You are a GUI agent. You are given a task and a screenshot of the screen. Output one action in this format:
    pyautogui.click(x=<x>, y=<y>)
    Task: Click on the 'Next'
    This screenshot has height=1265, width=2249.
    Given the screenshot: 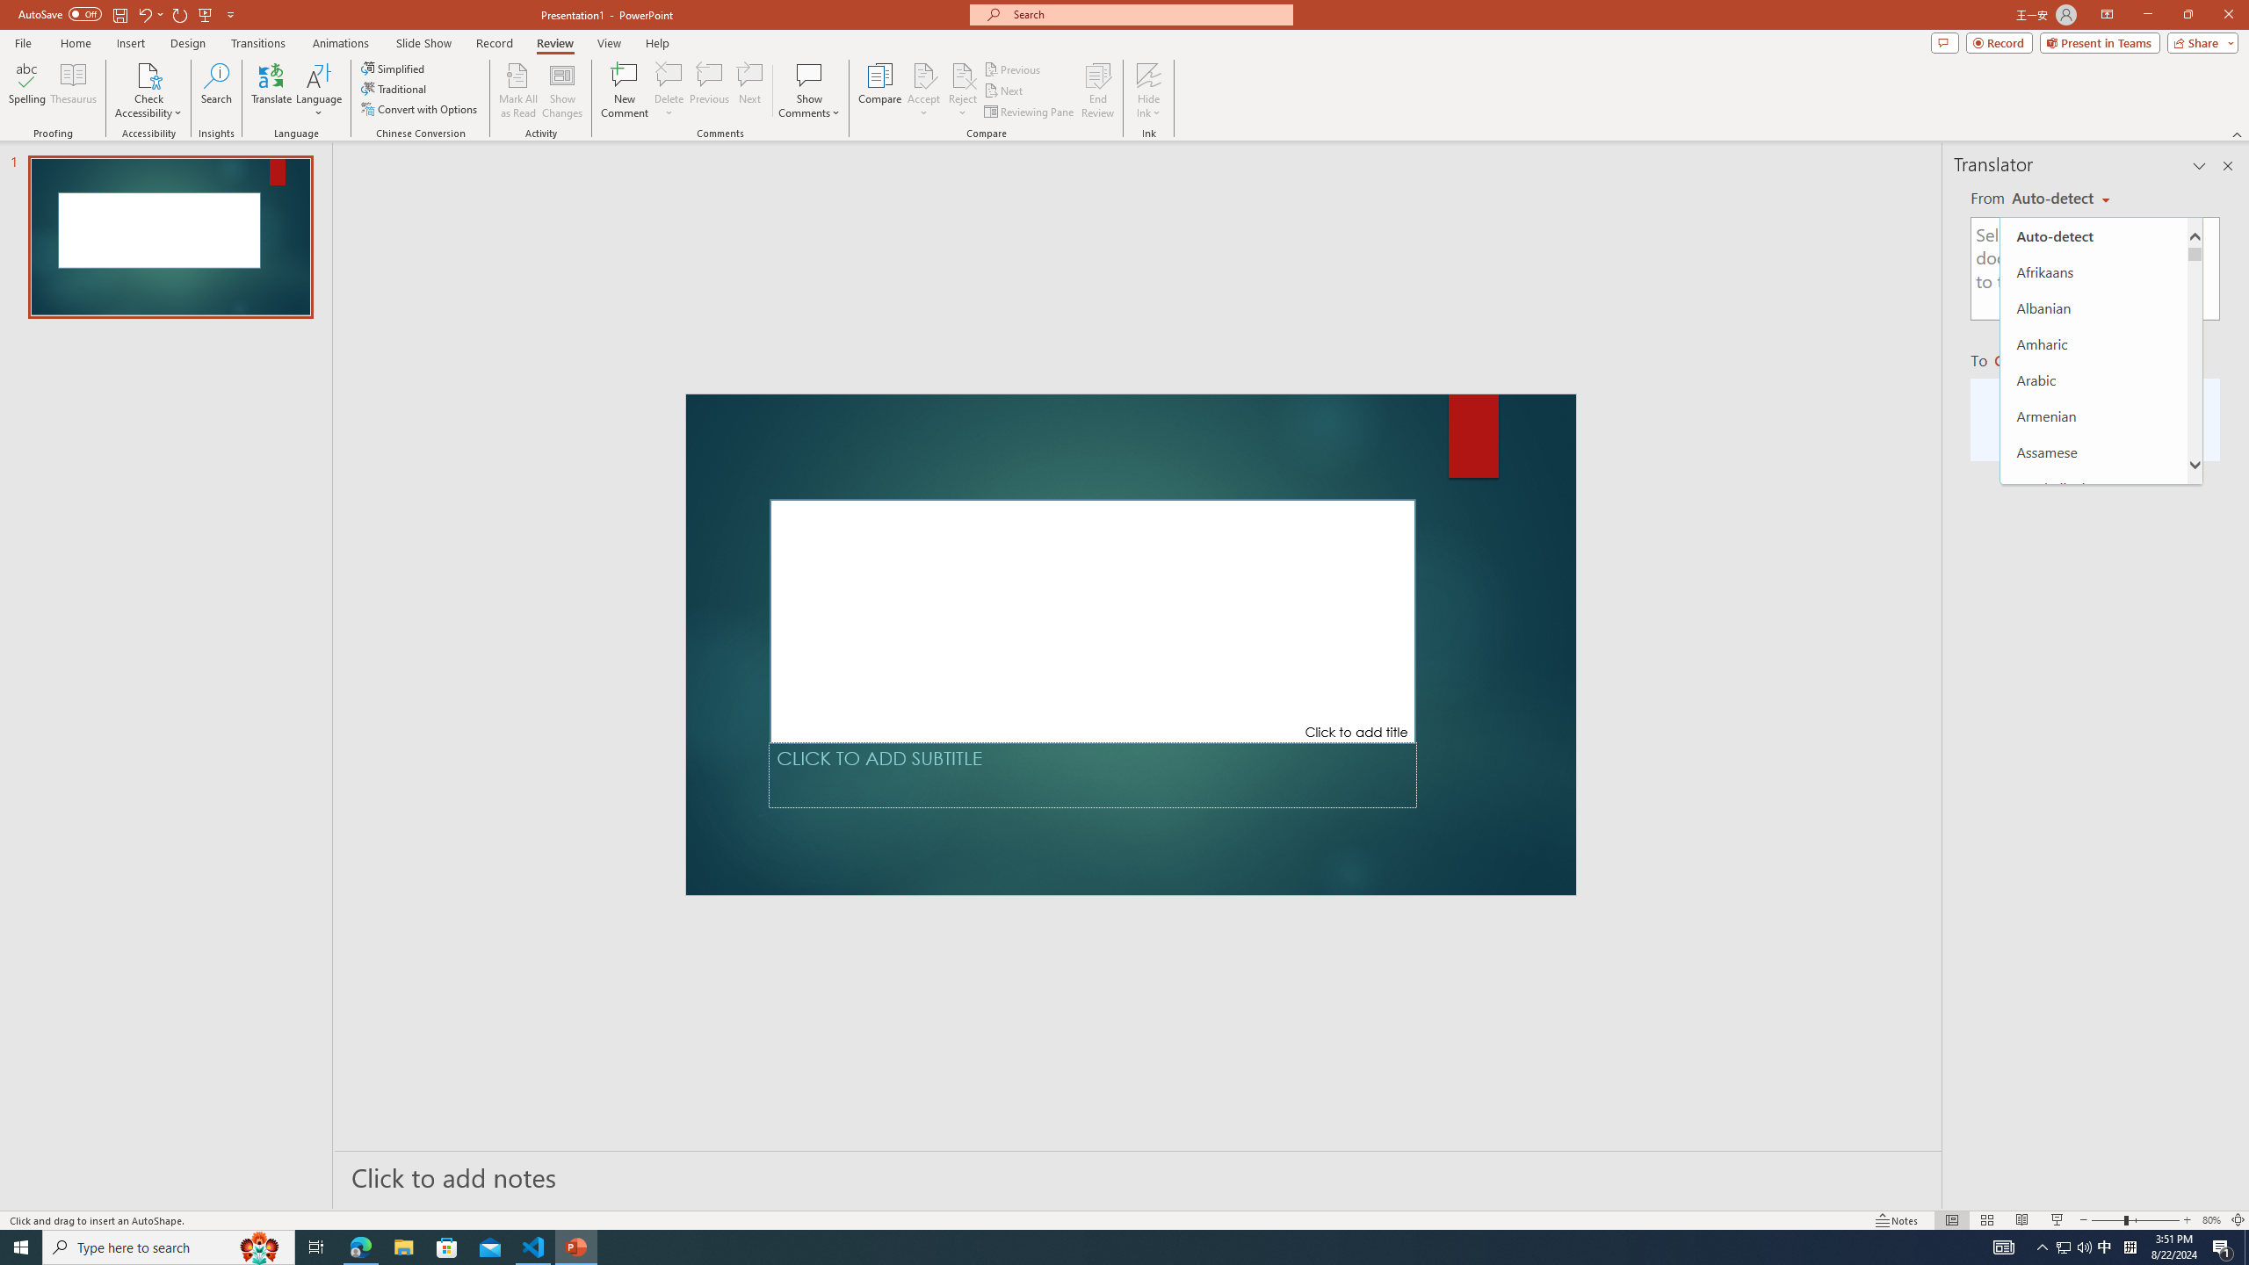 What is the action you would take?
    pyautogui.click(x=1003, y=90)
    